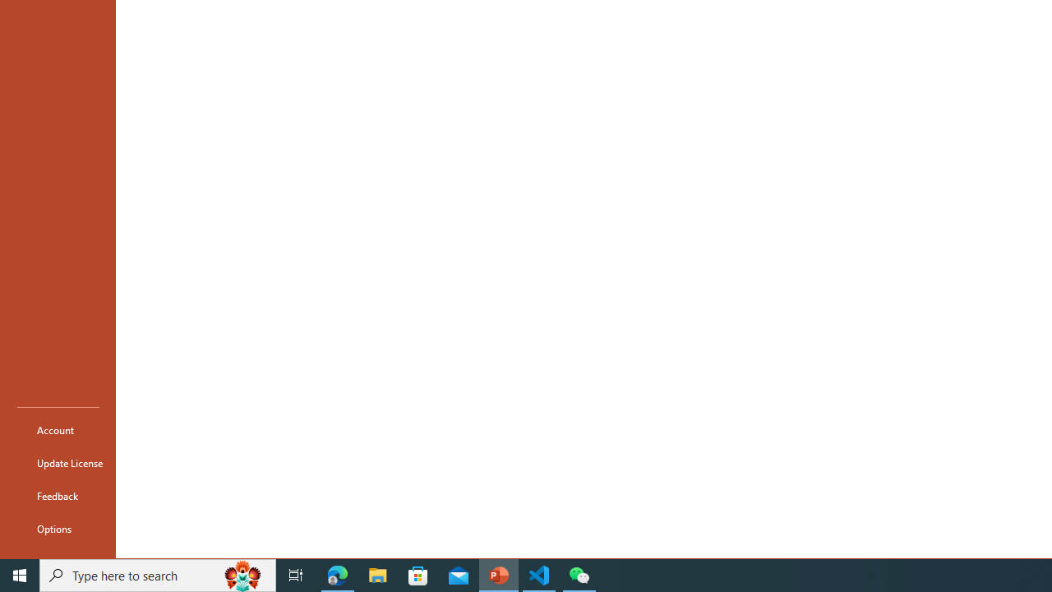 This screenshot has width=1052, height=592. I want to click on 'Account', so click(58, 429).